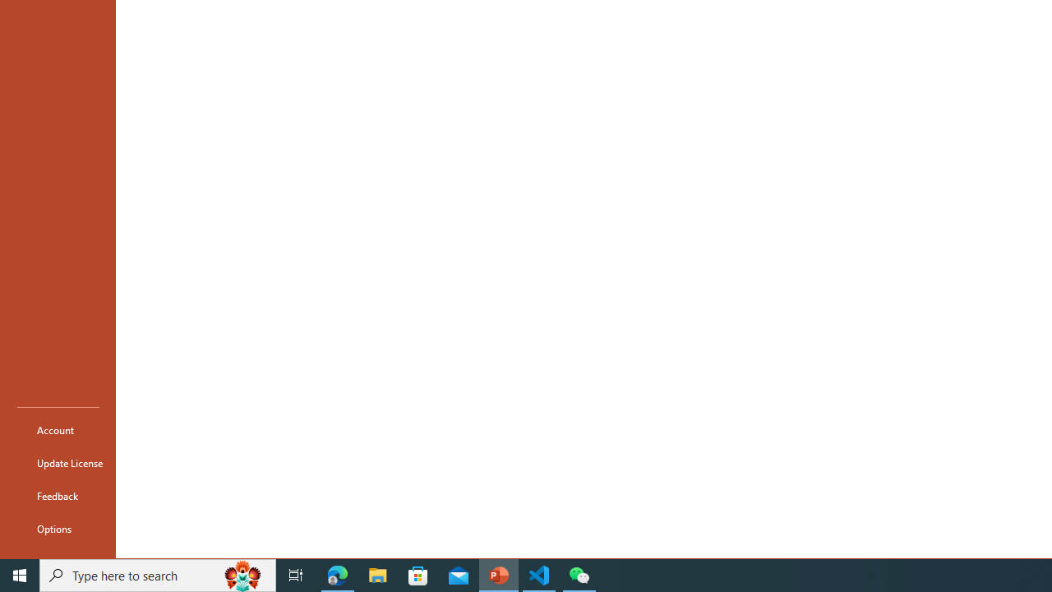 This screenshot has width=1052, height=592. I want to click on 'Account', so click(58, 429).